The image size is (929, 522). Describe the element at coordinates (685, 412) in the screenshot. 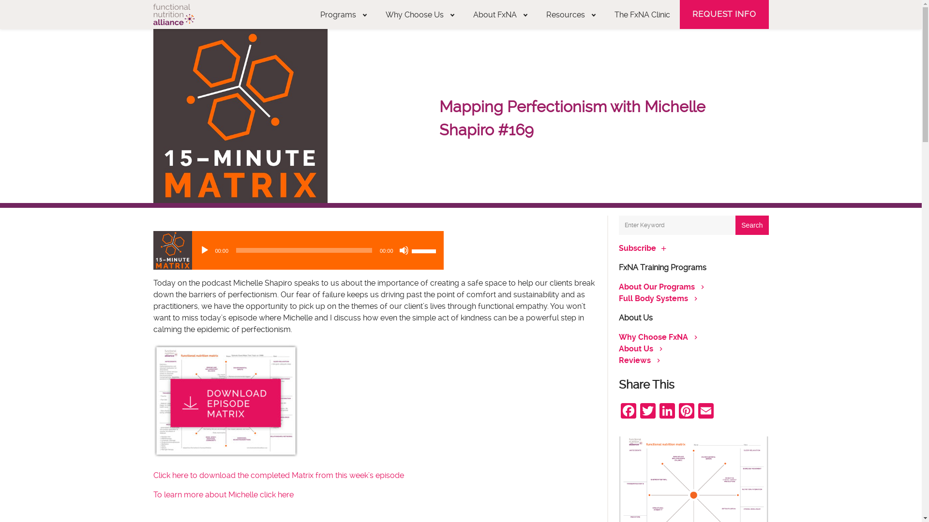

I see `'Pinterest'` at that location.